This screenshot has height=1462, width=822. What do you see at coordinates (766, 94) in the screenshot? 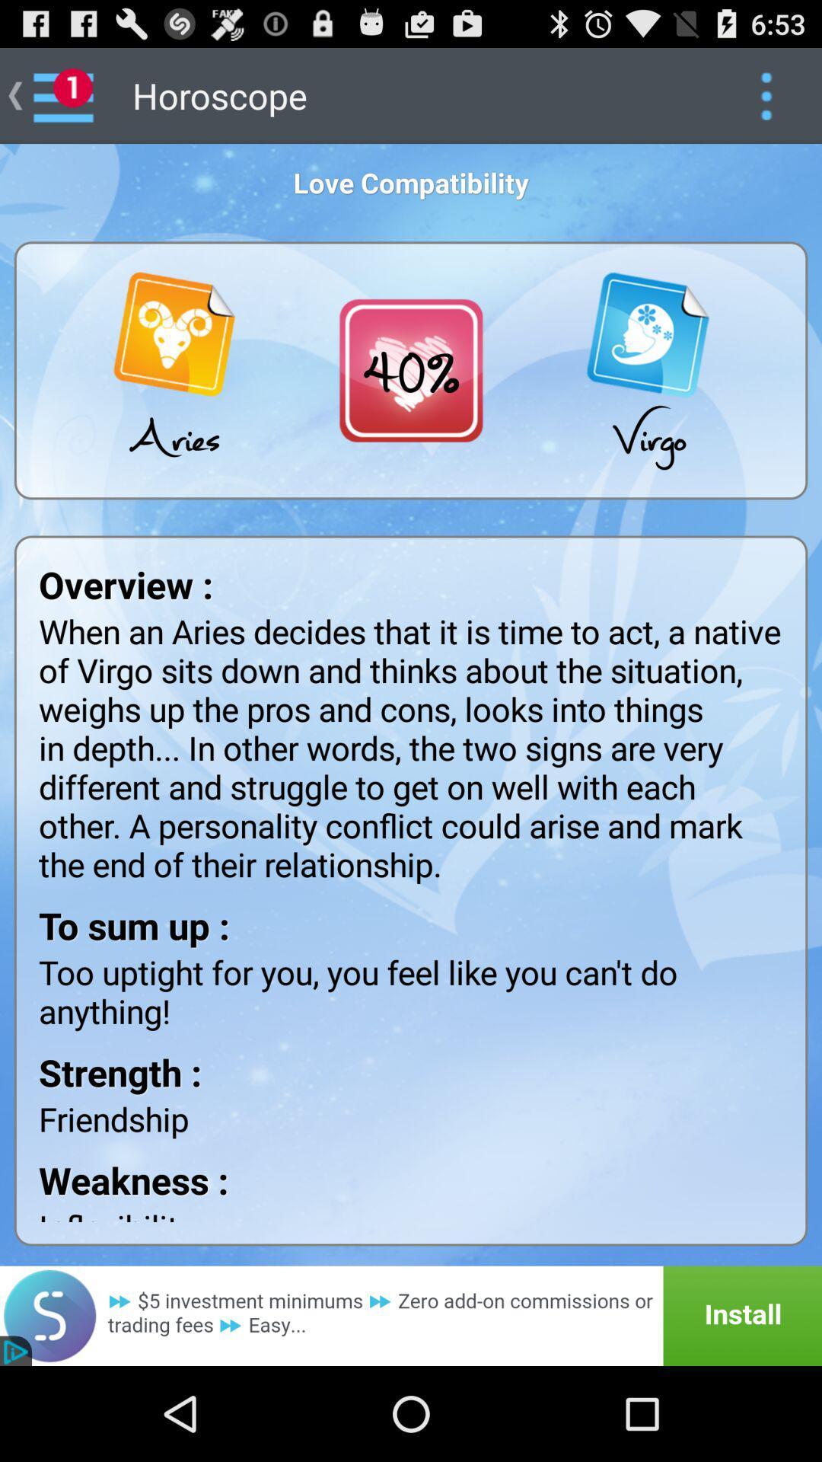
I see `switch to filter` at bounding box center [766, 94].